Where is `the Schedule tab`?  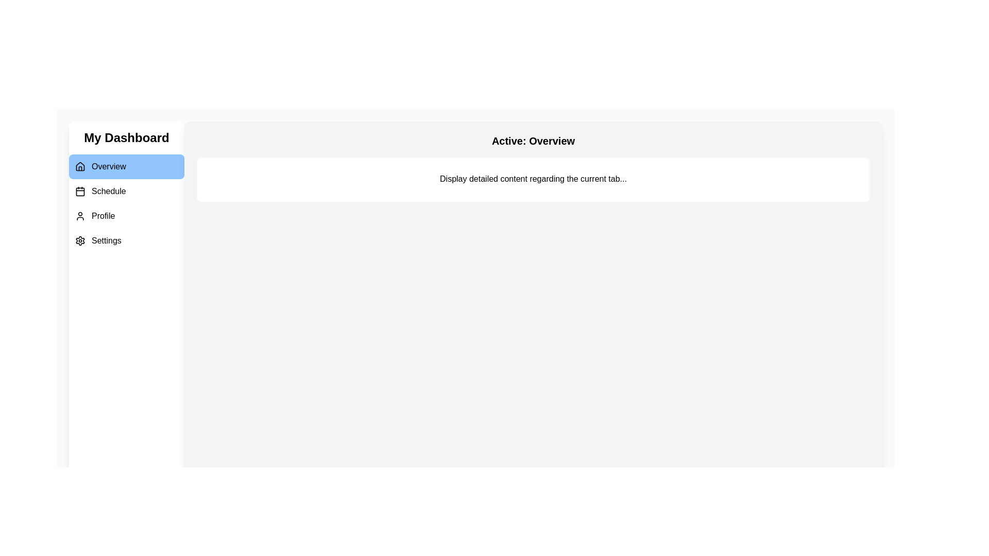
the Schedule tab is located at coordinates (126, 191).